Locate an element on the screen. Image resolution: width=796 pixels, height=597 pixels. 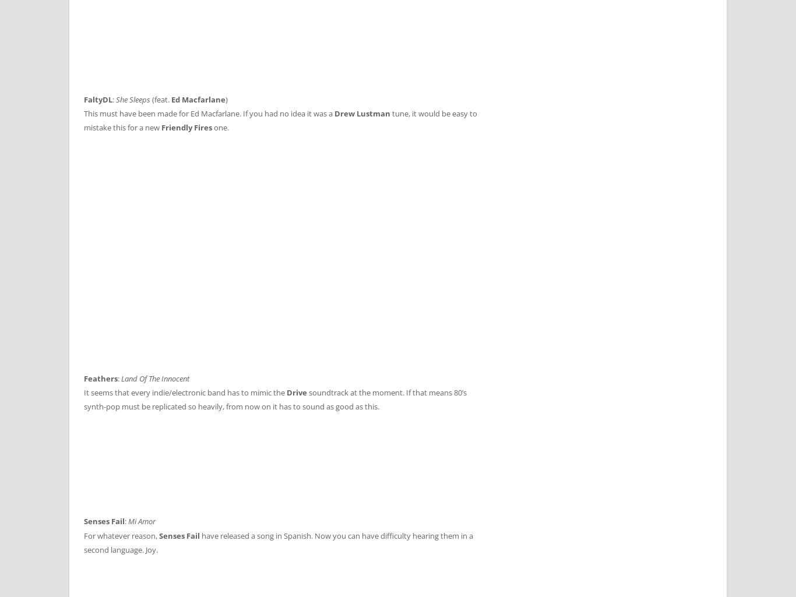
'have released a song in Spanish. Now you can have difficulty hearing them in a second language. Joy.' is located at coordinates (278, 542).